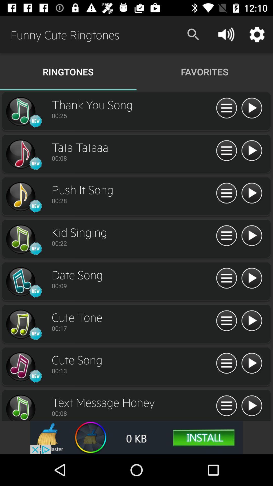 Image resolution: width=273 pixels, height=486 pixels. I want to click on music clip, so click(252, 151).